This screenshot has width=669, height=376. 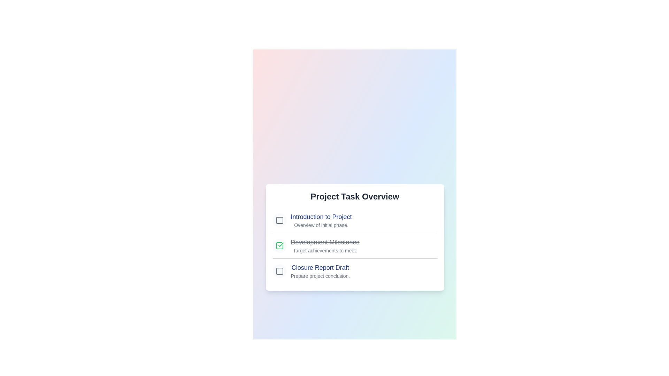 What do you see at coordinates (320, 267) in the screenshot?
I see `the checklist item labeled 'Closure Report Draft' to highlight it` at bounding box center [320, 267].